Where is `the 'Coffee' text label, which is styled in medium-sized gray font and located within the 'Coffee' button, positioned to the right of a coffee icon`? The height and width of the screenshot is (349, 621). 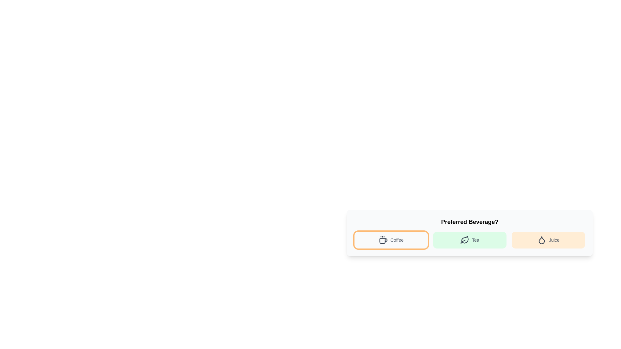 the 'Coffee' text label, which is styled in medium-sized gray font and located within the 'Coffee' button, positioned to the right of a coffee icon is located at coordinates (397, 240).